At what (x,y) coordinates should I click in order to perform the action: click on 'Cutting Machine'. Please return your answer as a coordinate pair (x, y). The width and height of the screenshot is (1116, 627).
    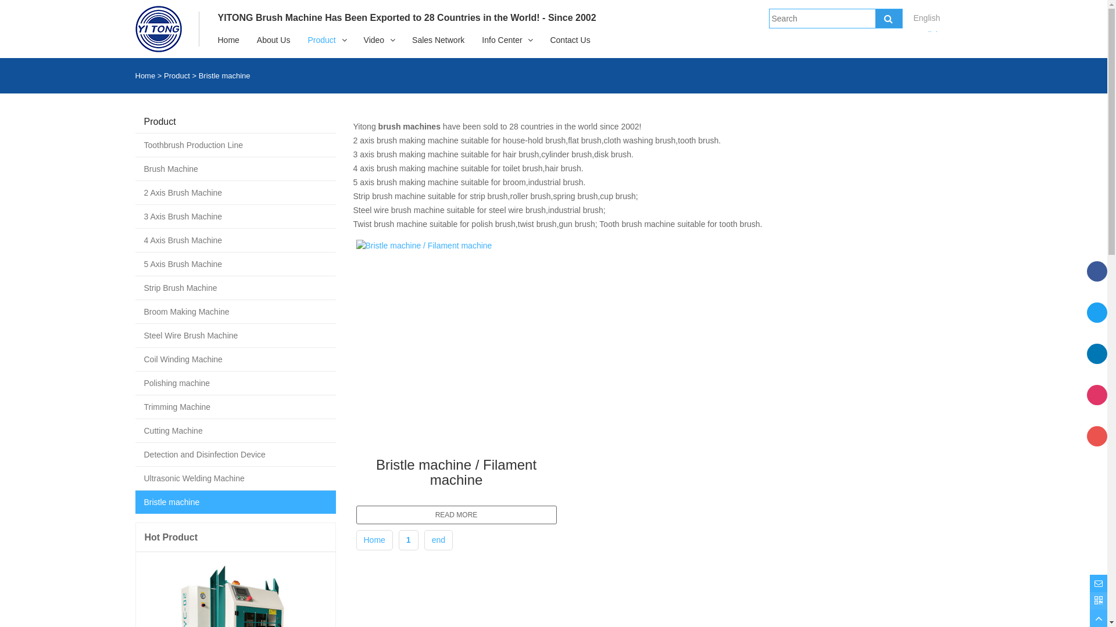
    Looking at the image, I should click on (234, 430).